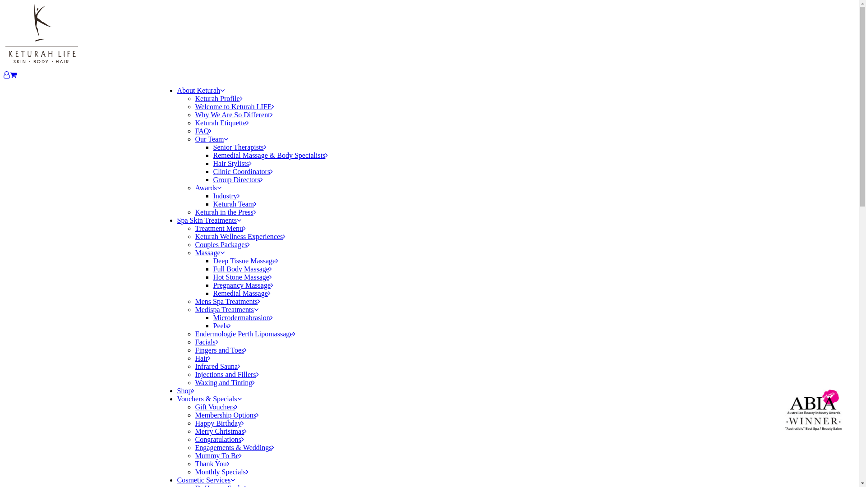 The height and width of the screenshot is (487, 866). I want to click on 'Group Directors', so click(238, 179).